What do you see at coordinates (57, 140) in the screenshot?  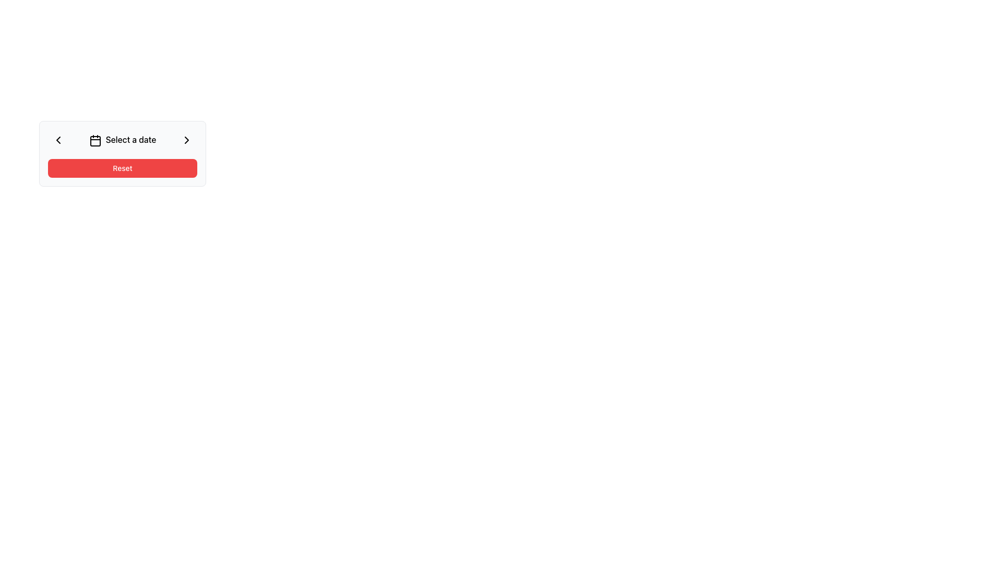 I see `the navigation button located on the top-left side of the 'Select a date' section` at bounding box center [57, 140].